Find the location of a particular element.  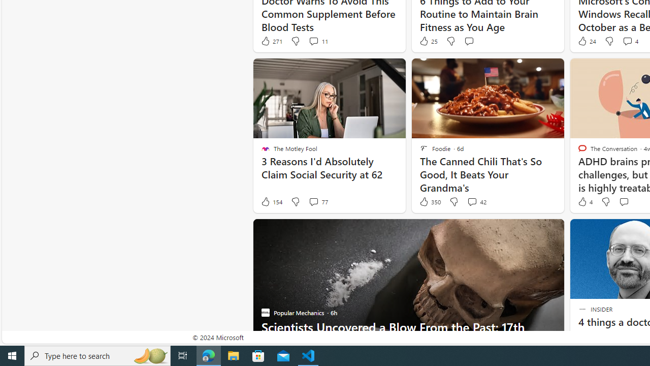

'25 Like' is located at coordinates (428, 41).